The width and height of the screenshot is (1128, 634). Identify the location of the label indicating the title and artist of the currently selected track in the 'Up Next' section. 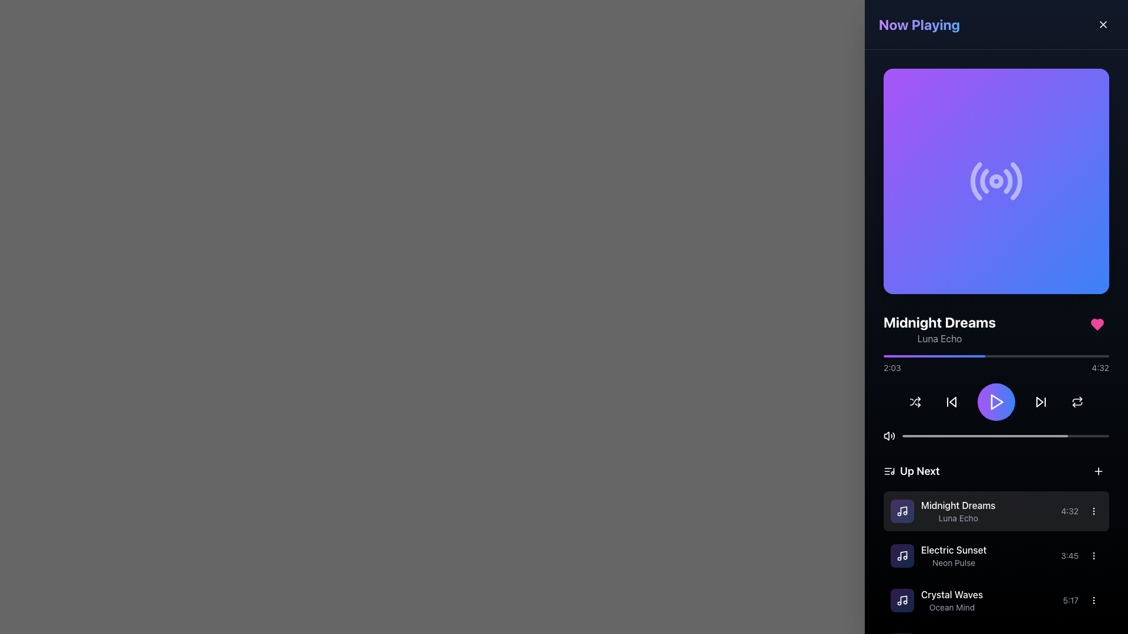
(958, 511).